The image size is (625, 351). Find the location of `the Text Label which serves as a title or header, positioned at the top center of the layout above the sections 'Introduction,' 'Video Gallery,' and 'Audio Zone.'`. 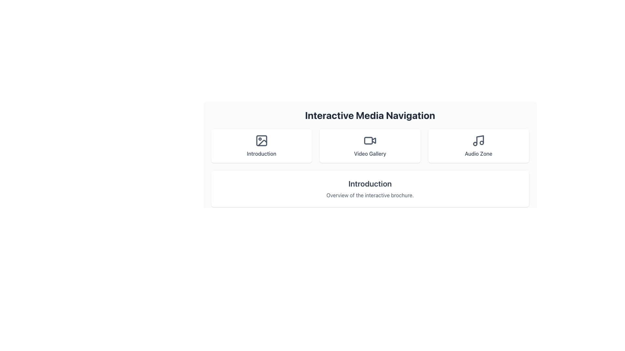

the Text Label which serves as a title or header, positioned at the top center of the layout above the sections 'Introduction,' 'Video Gallery,' and 'Audio Zone.' is located at coordinates (370, 115).